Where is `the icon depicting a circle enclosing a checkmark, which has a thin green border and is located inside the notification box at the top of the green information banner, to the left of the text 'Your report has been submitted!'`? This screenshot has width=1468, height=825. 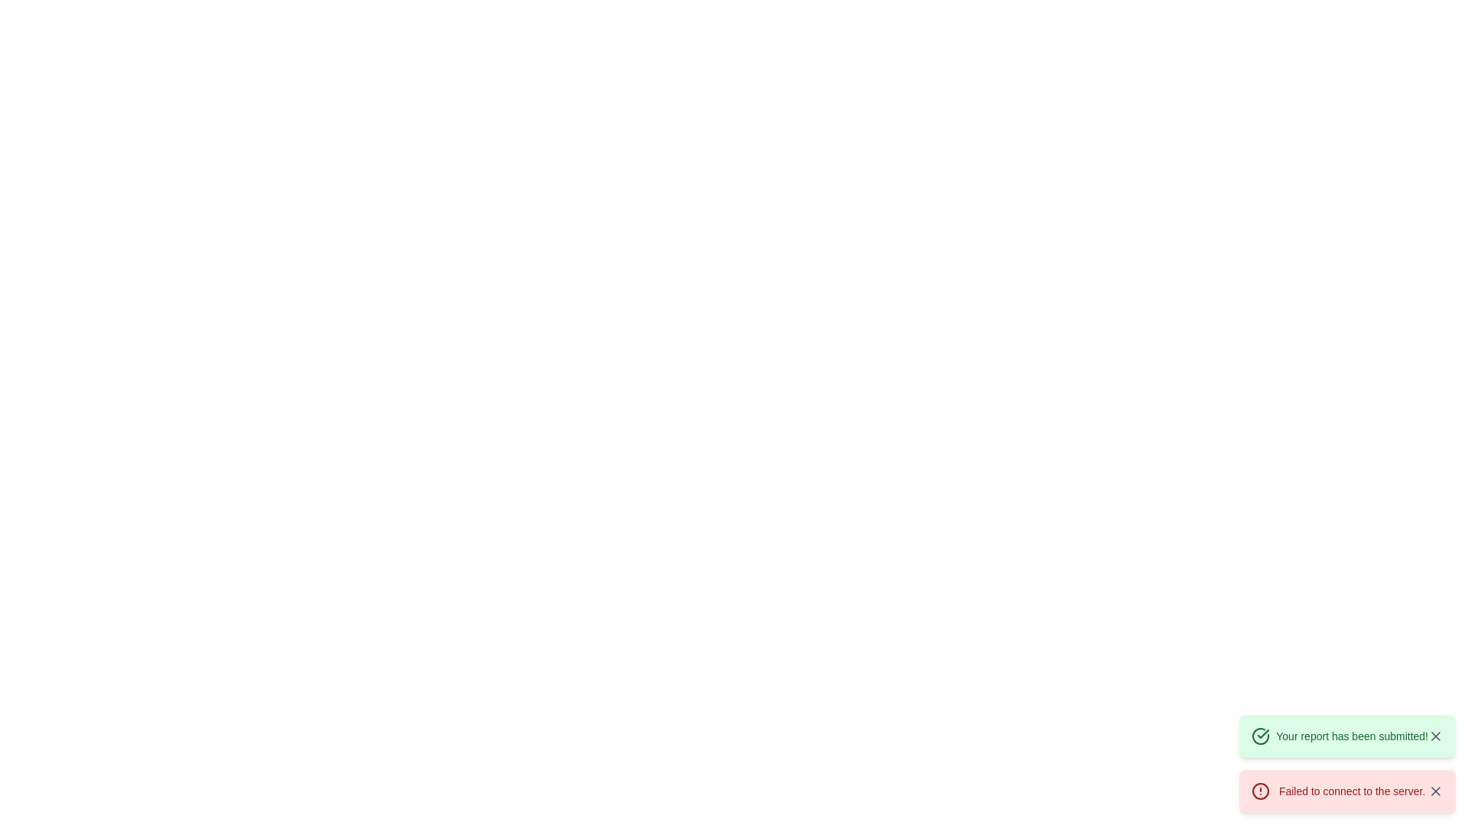 the icon depicting a circle enclosing a checkmark, which has a thin green border and is located inside the notification box at the top of the green information banner, to the left of the text 'Your report has been submitted!' is located at coordinates (1261, 736).